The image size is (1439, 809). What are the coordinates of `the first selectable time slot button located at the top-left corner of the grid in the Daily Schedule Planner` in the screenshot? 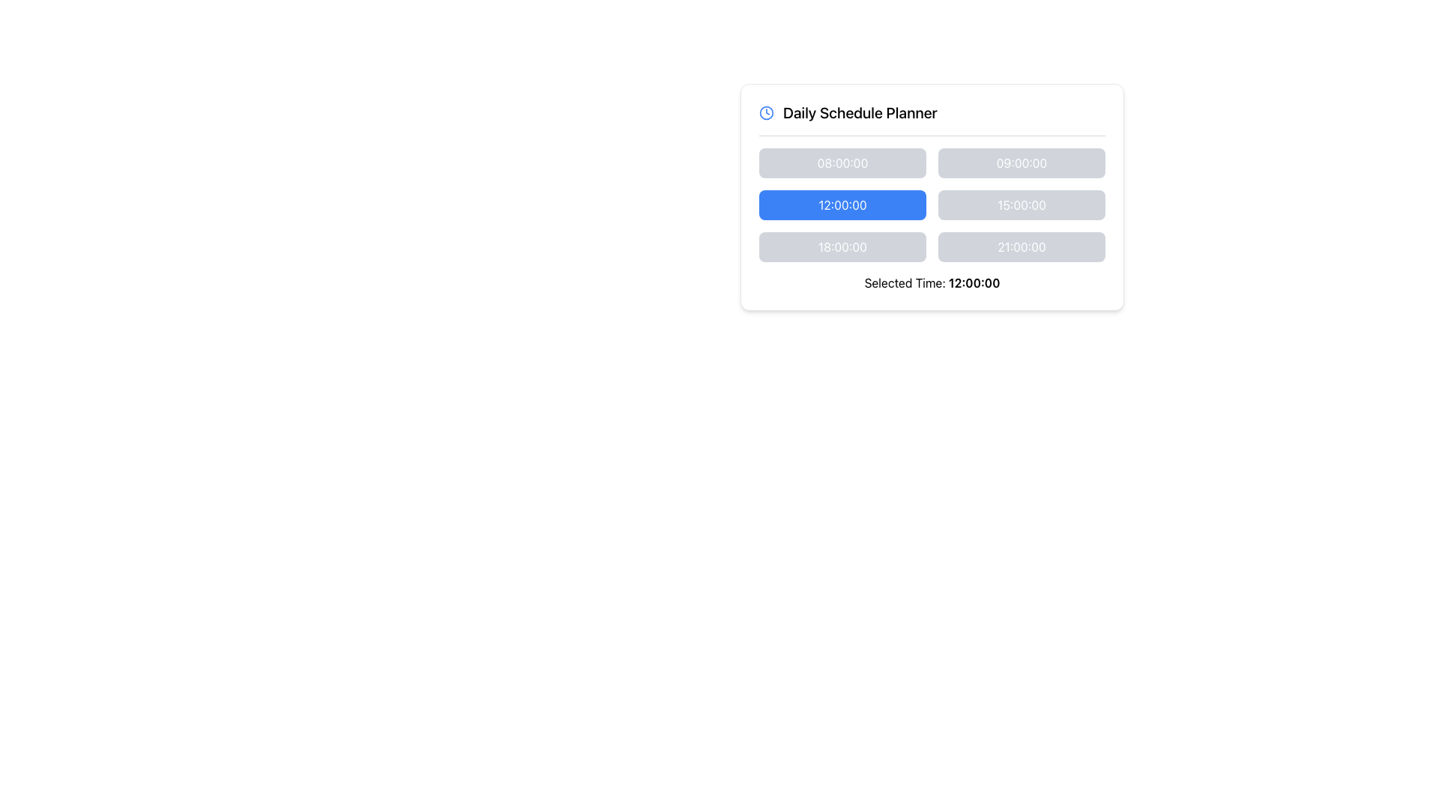 It's located at (842, 163).